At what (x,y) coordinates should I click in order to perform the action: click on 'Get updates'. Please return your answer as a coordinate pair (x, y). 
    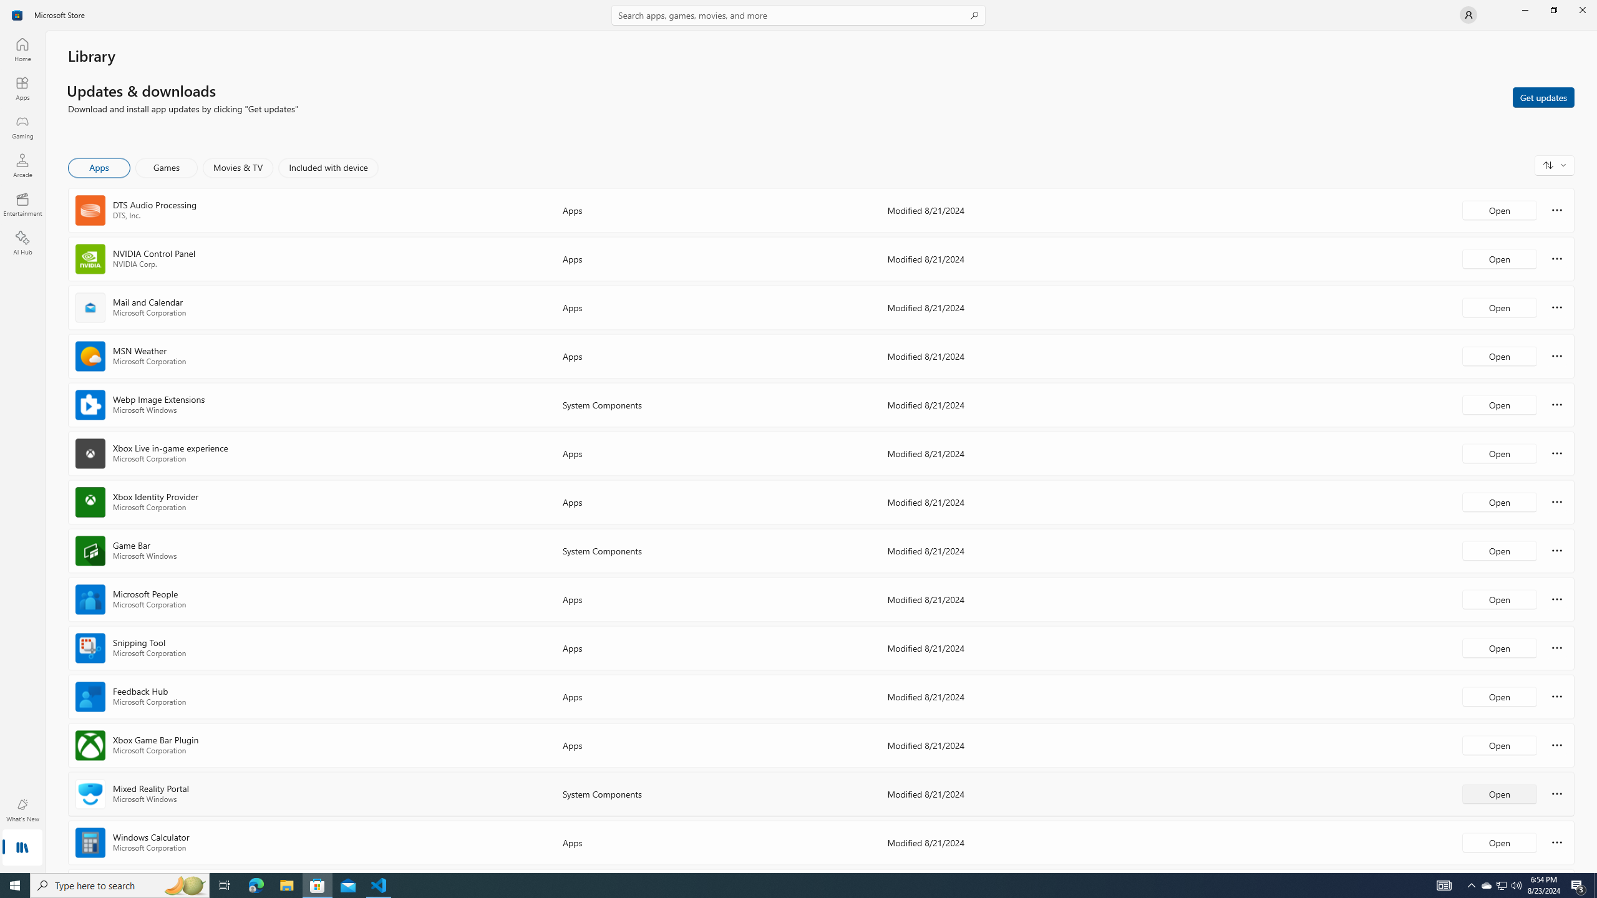
    Looking at the image, I should click on (1543, 96).